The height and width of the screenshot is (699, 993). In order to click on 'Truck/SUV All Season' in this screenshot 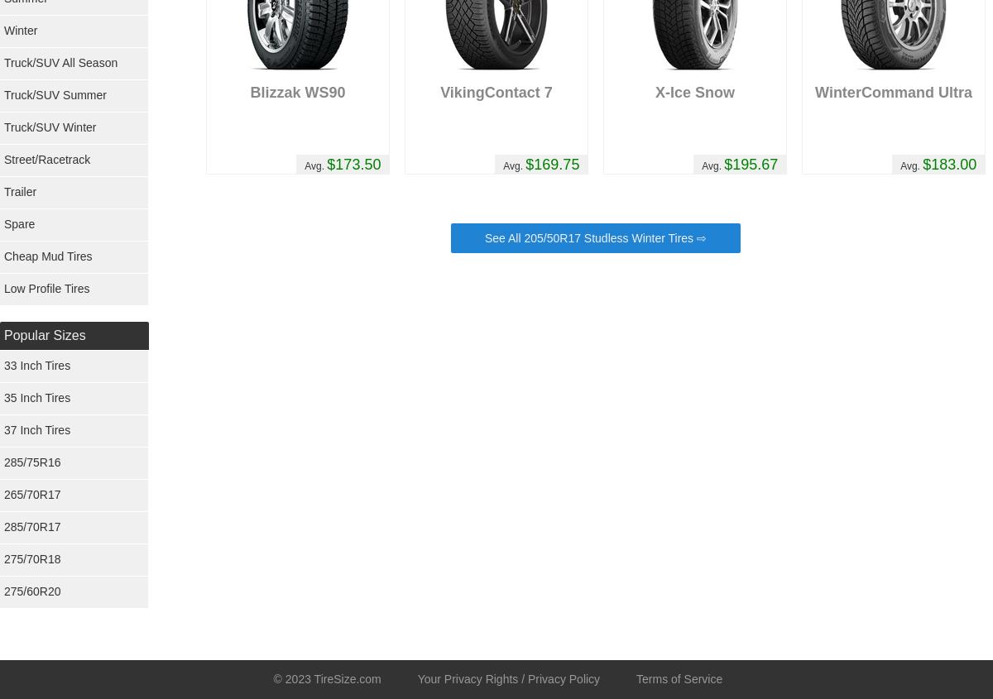, I will do `click(60, 61)`.